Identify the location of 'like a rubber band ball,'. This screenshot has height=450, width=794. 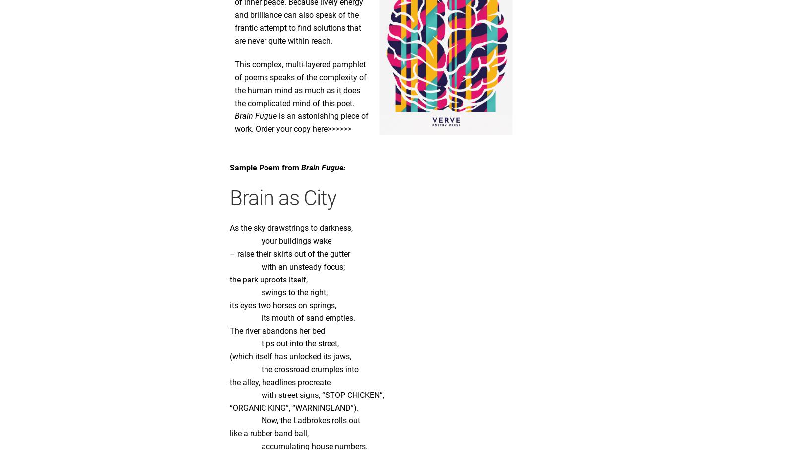
(268, 433).